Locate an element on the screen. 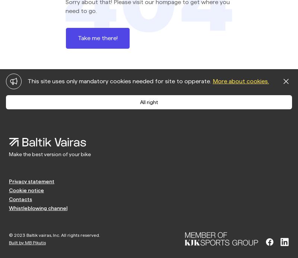  'Contacts' is located at coordinates (20, 199).